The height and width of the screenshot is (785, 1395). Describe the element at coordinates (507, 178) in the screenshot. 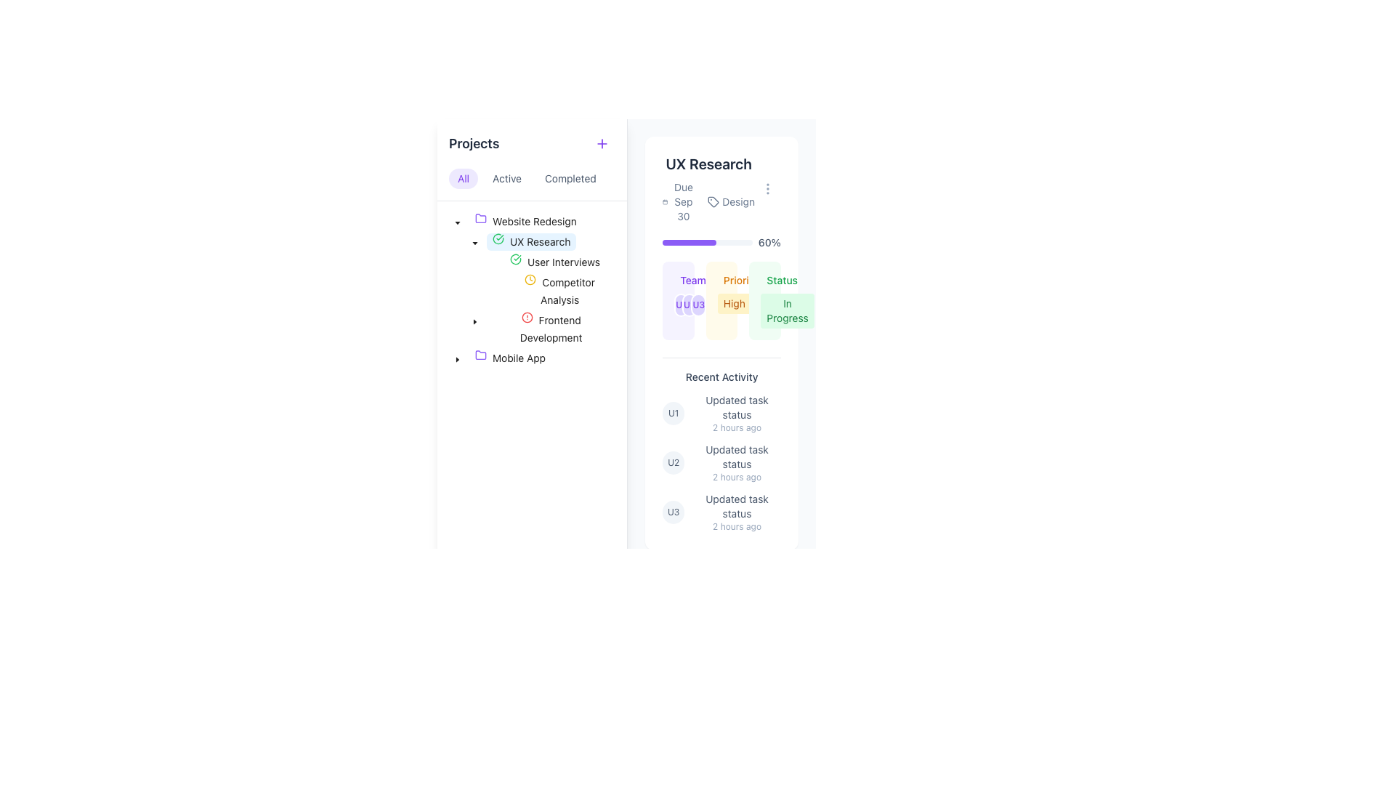

I see `the 'Active' button in the 'Projects' section to observe the hover effect, which is the second button in a group of three horizontal buttons ('All', 'Active', 'Completed')` at that location.